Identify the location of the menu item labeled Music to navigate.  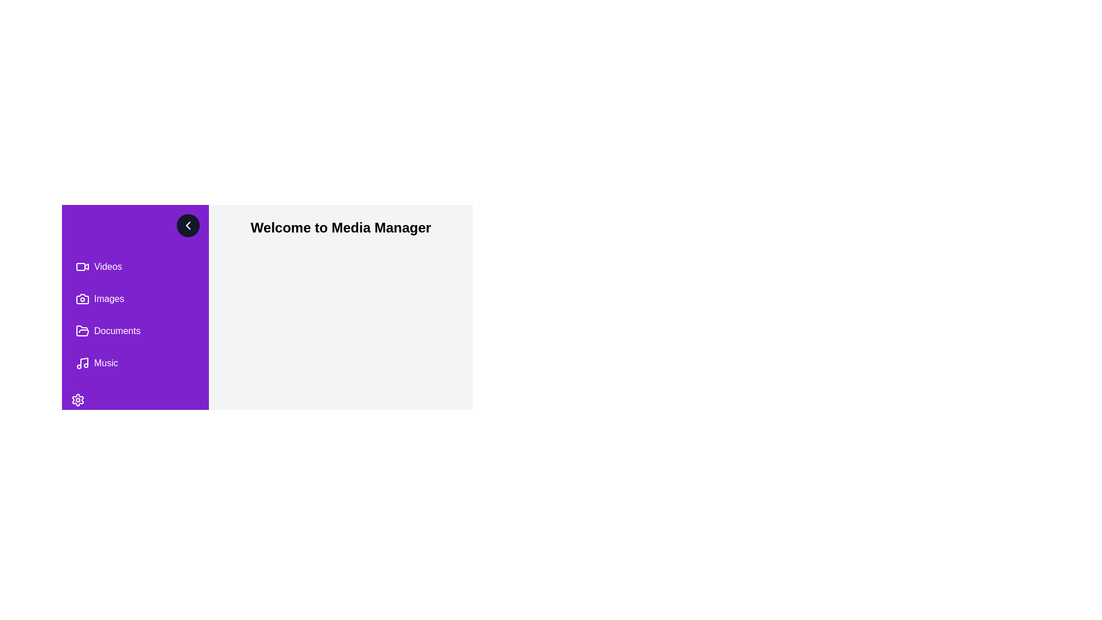
(135, 363).